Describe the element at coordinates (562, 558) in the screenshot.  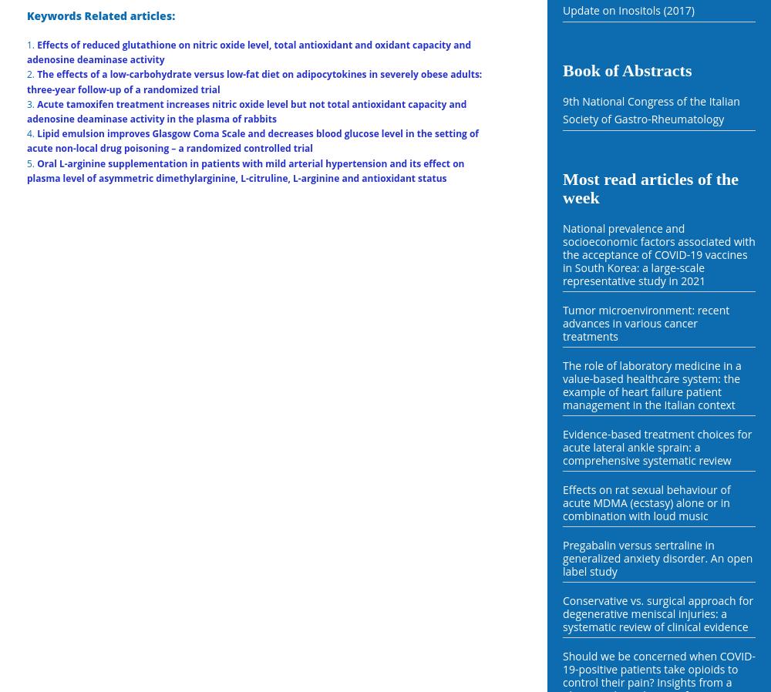
I see `'Pregabalin versus sertraline in generalized anxiety disorder. An open label study'` at that location.